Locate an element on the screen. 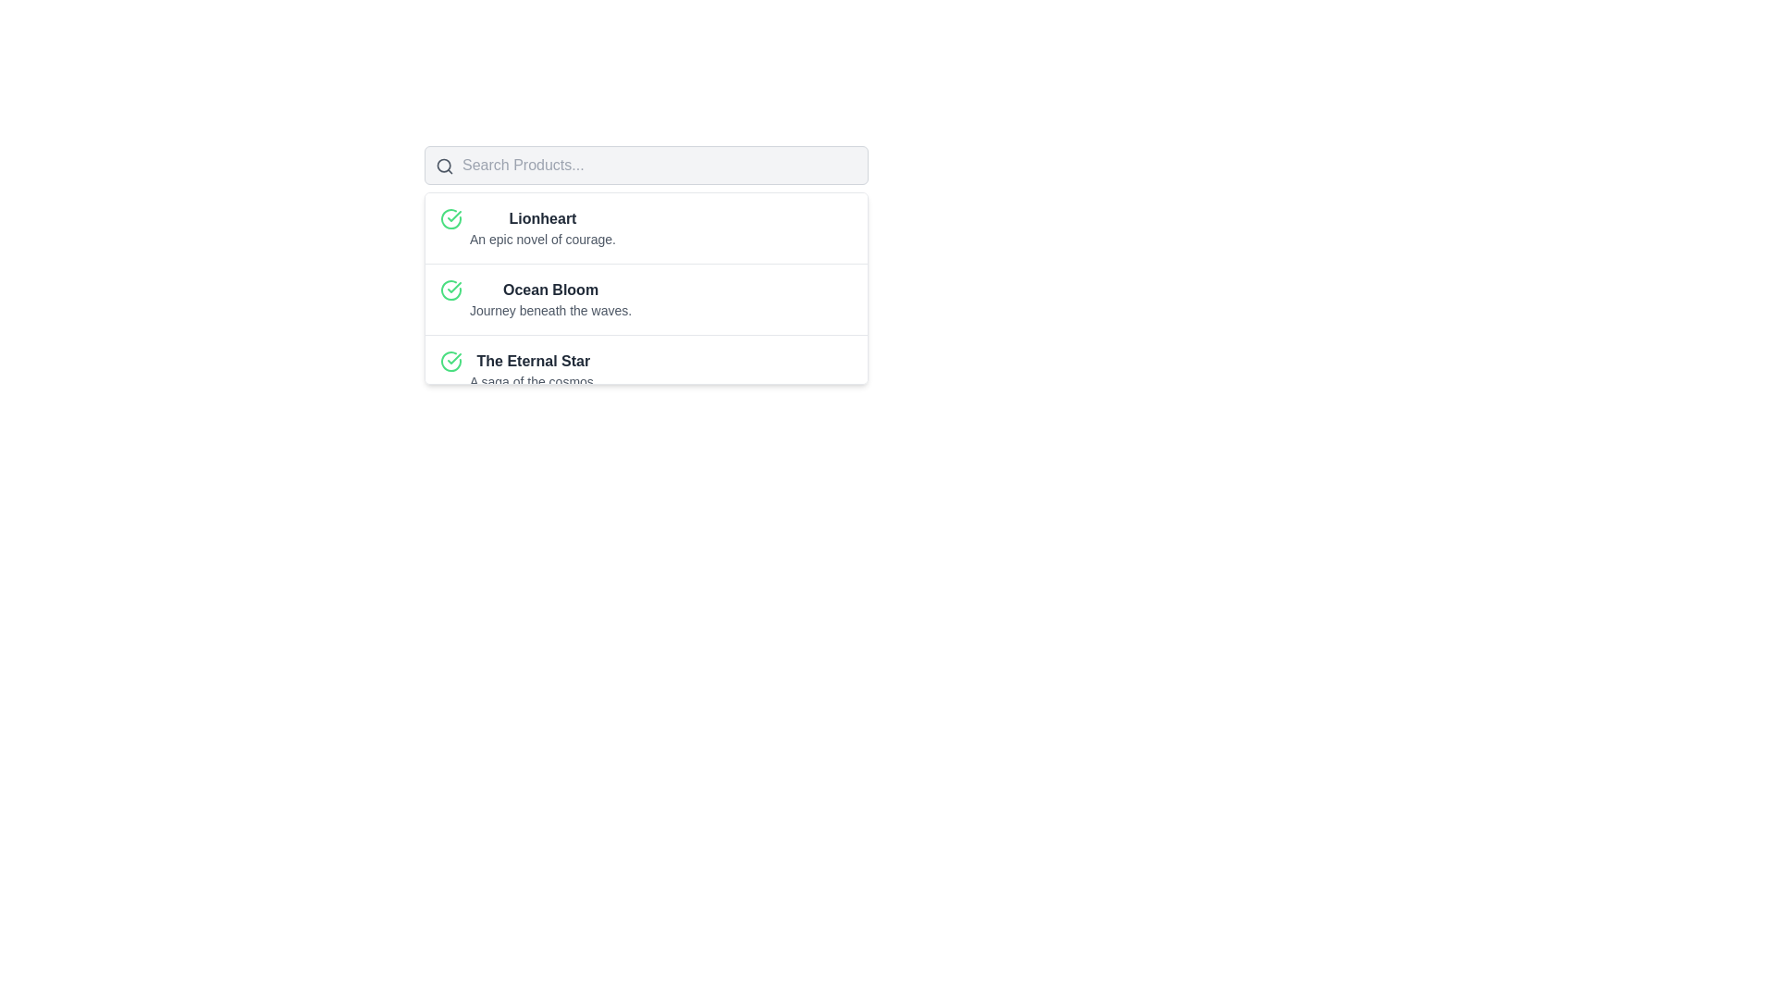 Image resolution: width=1776 pixels, height=999 pixels. the text label styled in small gray font reading 'A saga of the cosmos.' positioned below the title 'The Eternal Star' in the third item of a vertical list is located at coordinates (532, 380).